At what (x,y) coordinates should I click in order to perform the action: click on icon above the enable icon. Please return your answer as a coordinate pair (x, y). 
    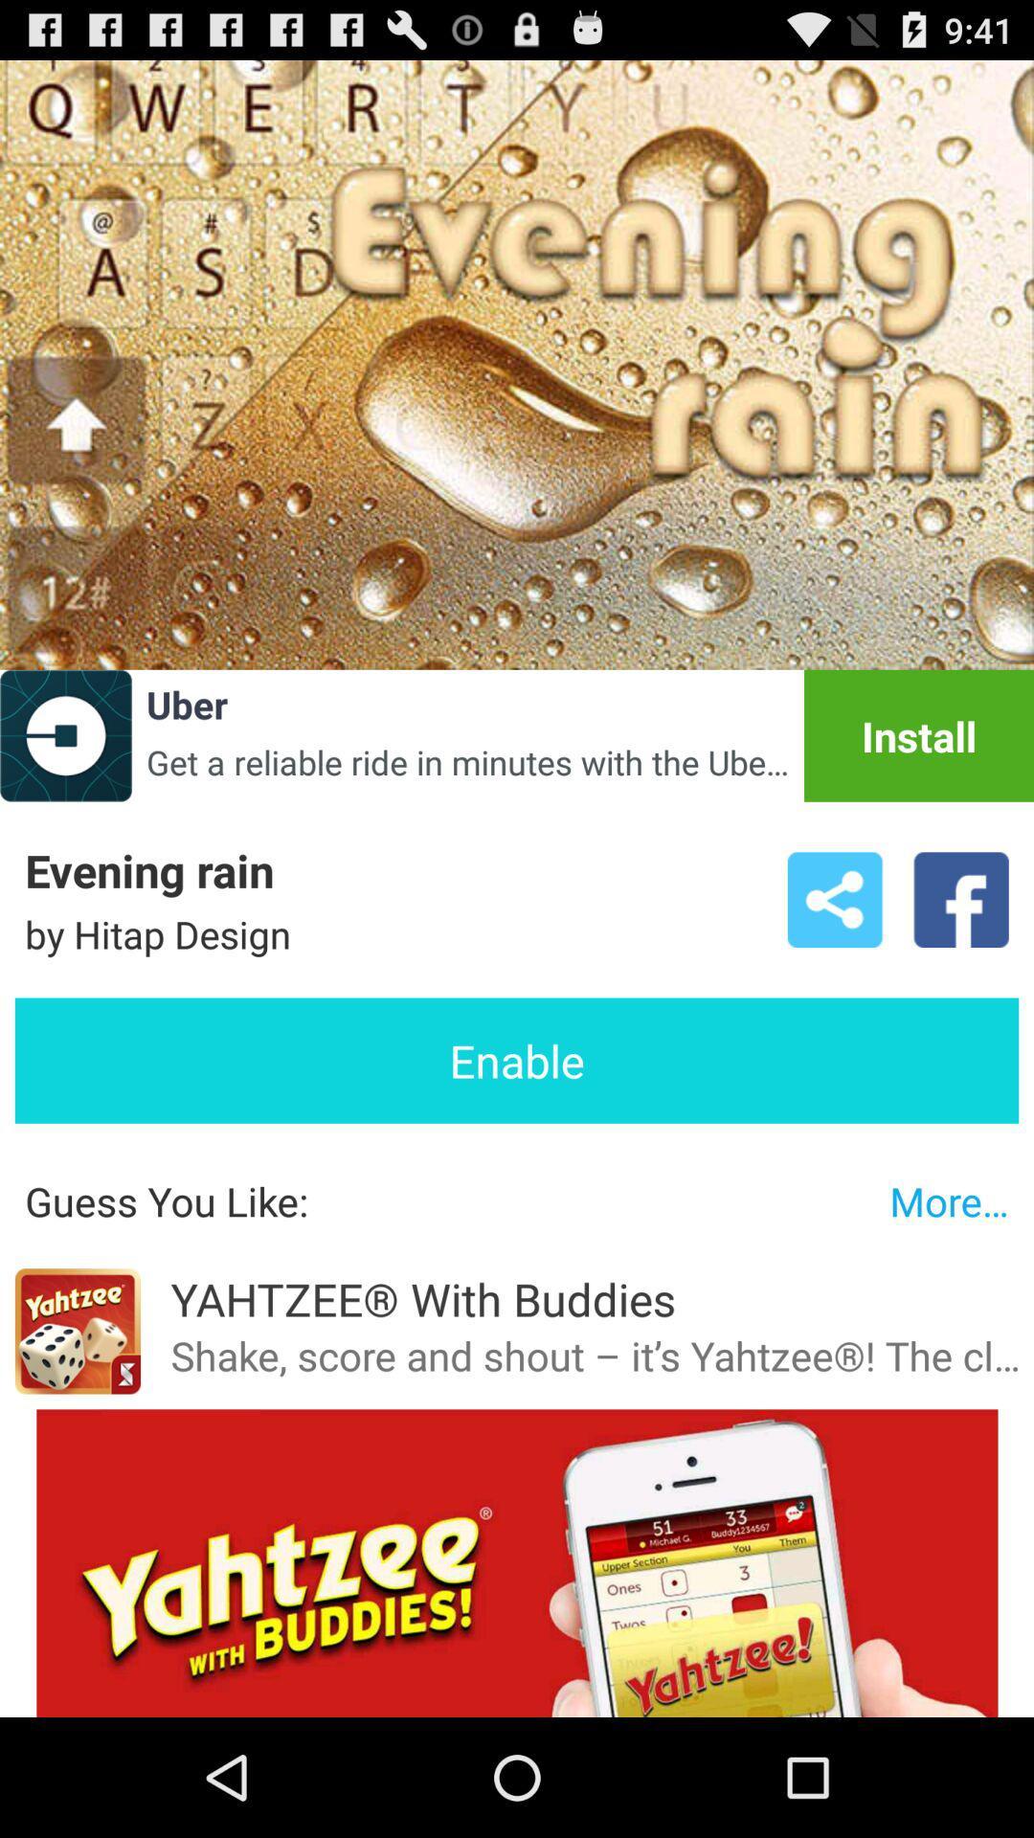
    Looking at the image, I should click on (960, 899).